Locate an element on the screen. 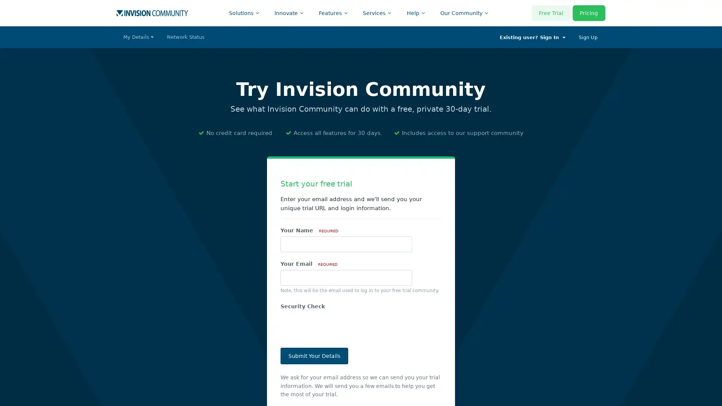  Help is located at coordinates (416, 13).